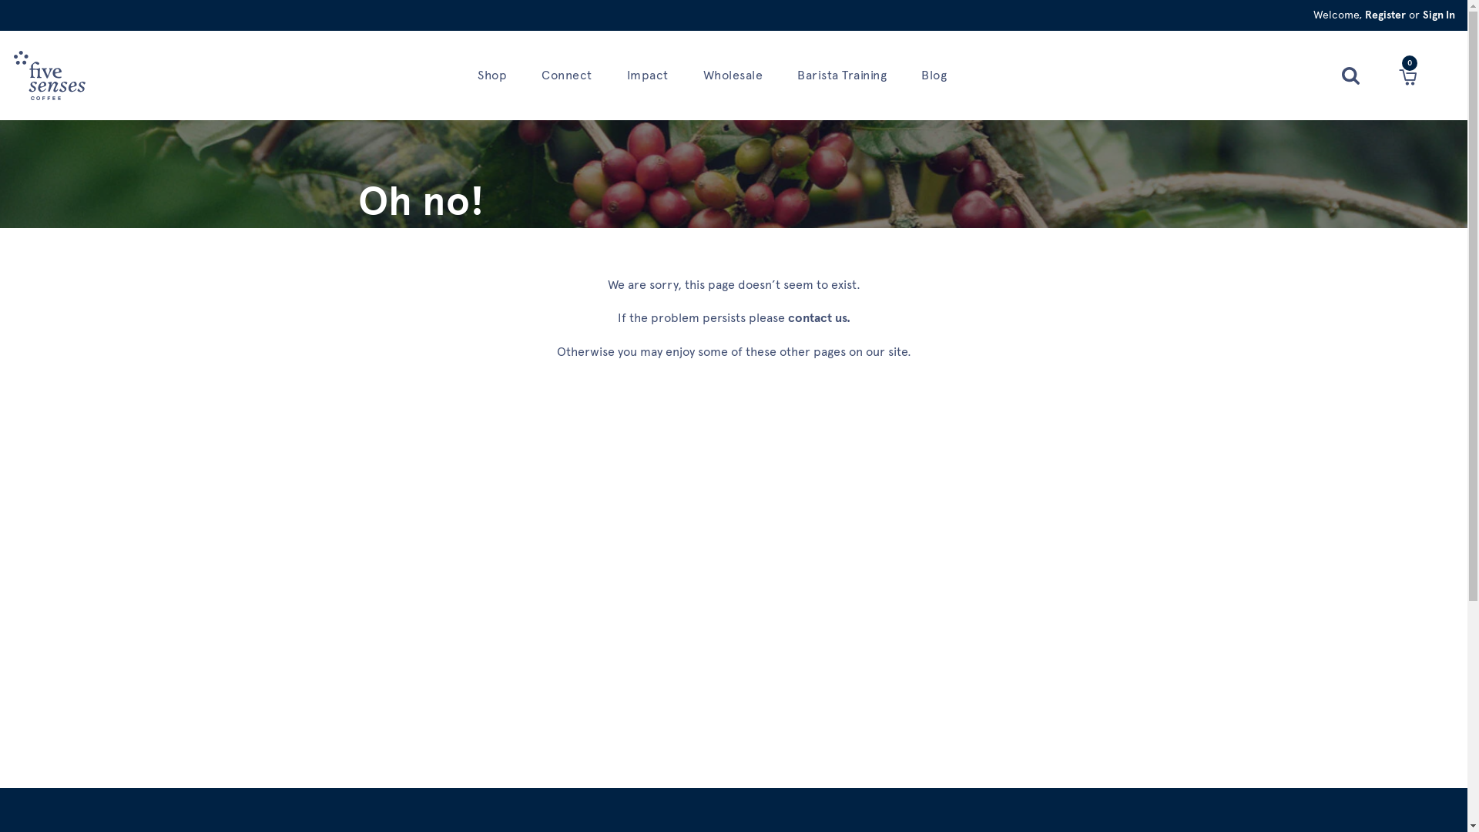 This screenshot has width=1479, height=832. What do you see at coordinates (494, 75) in the screenshot?
I see `'Shop'` at bounding box center [494, 75].